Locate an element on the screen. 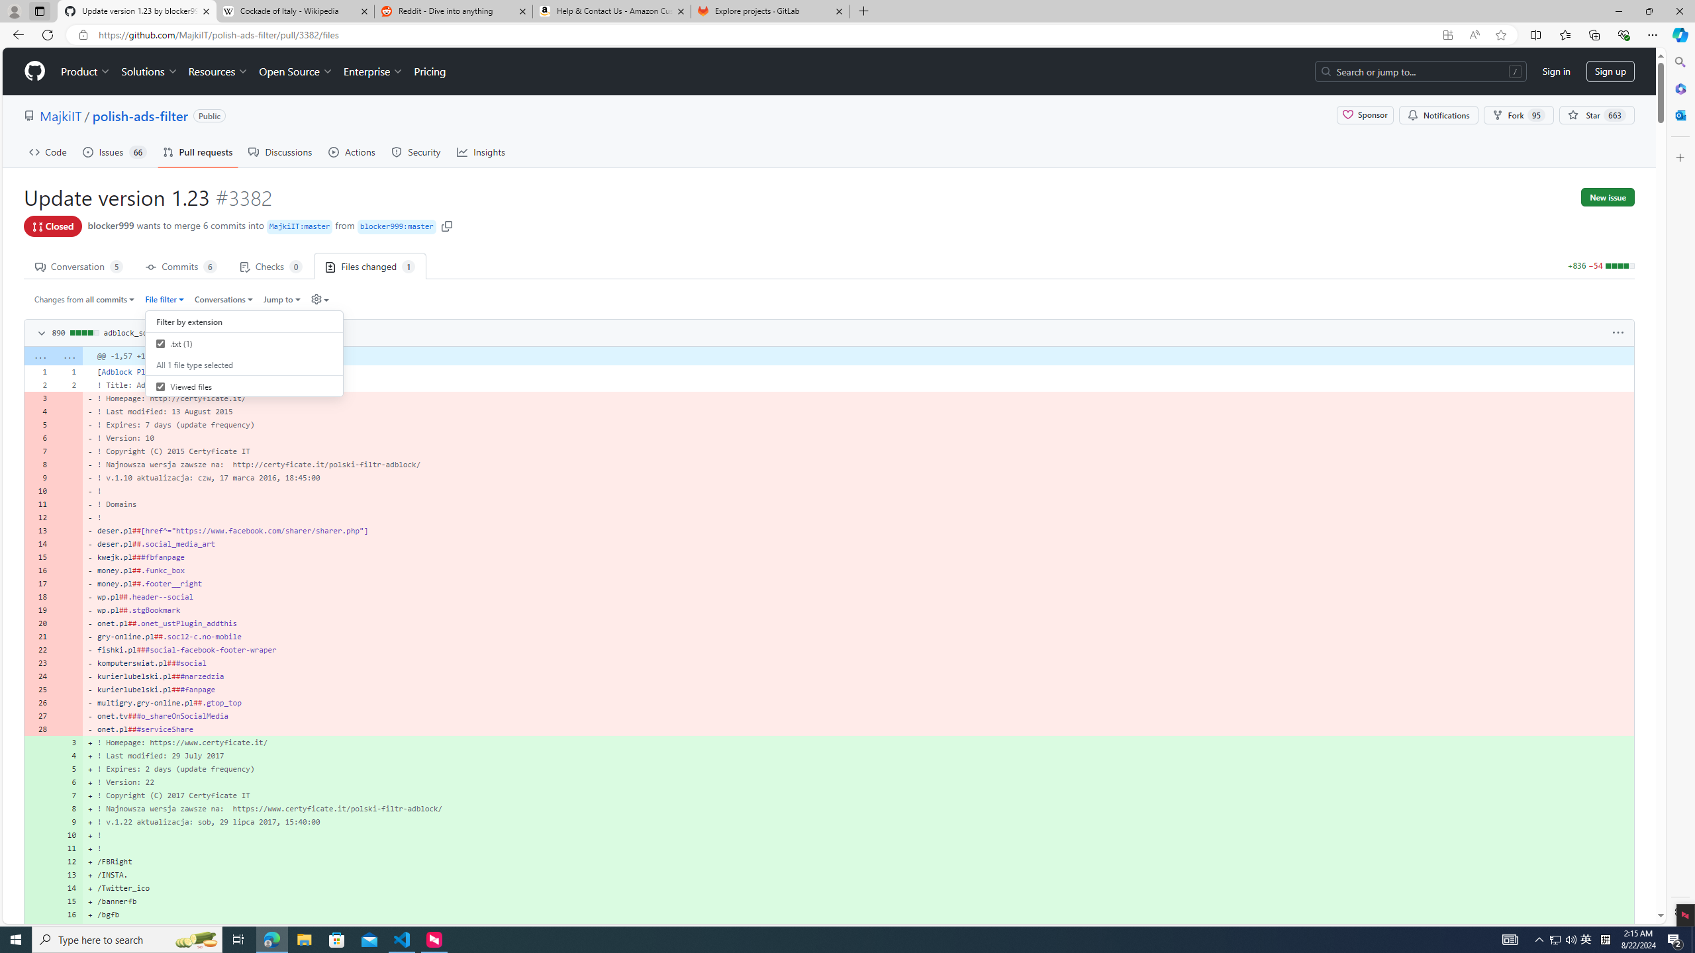  'Diff settings' is located at coordinates (319, 298).